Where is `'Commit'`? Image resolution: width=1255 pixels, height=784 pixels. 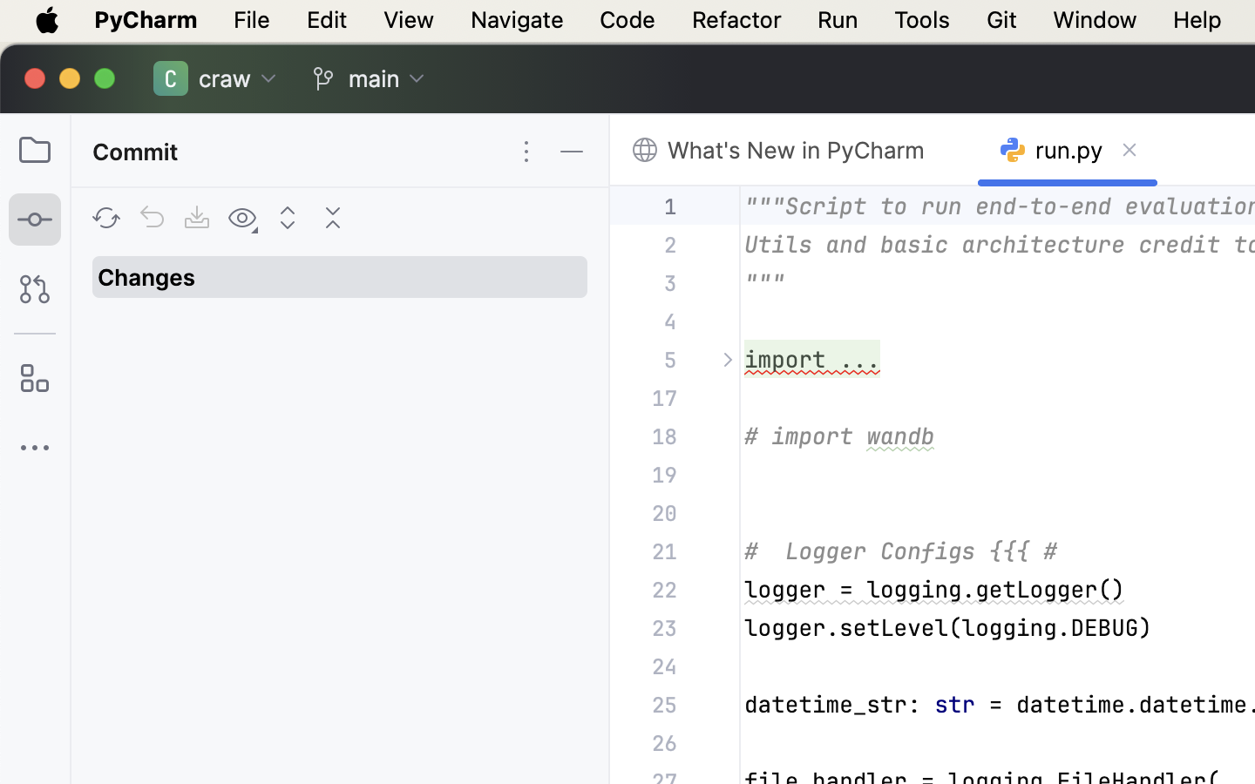
'Commit' is located at coordinates (137, 151).